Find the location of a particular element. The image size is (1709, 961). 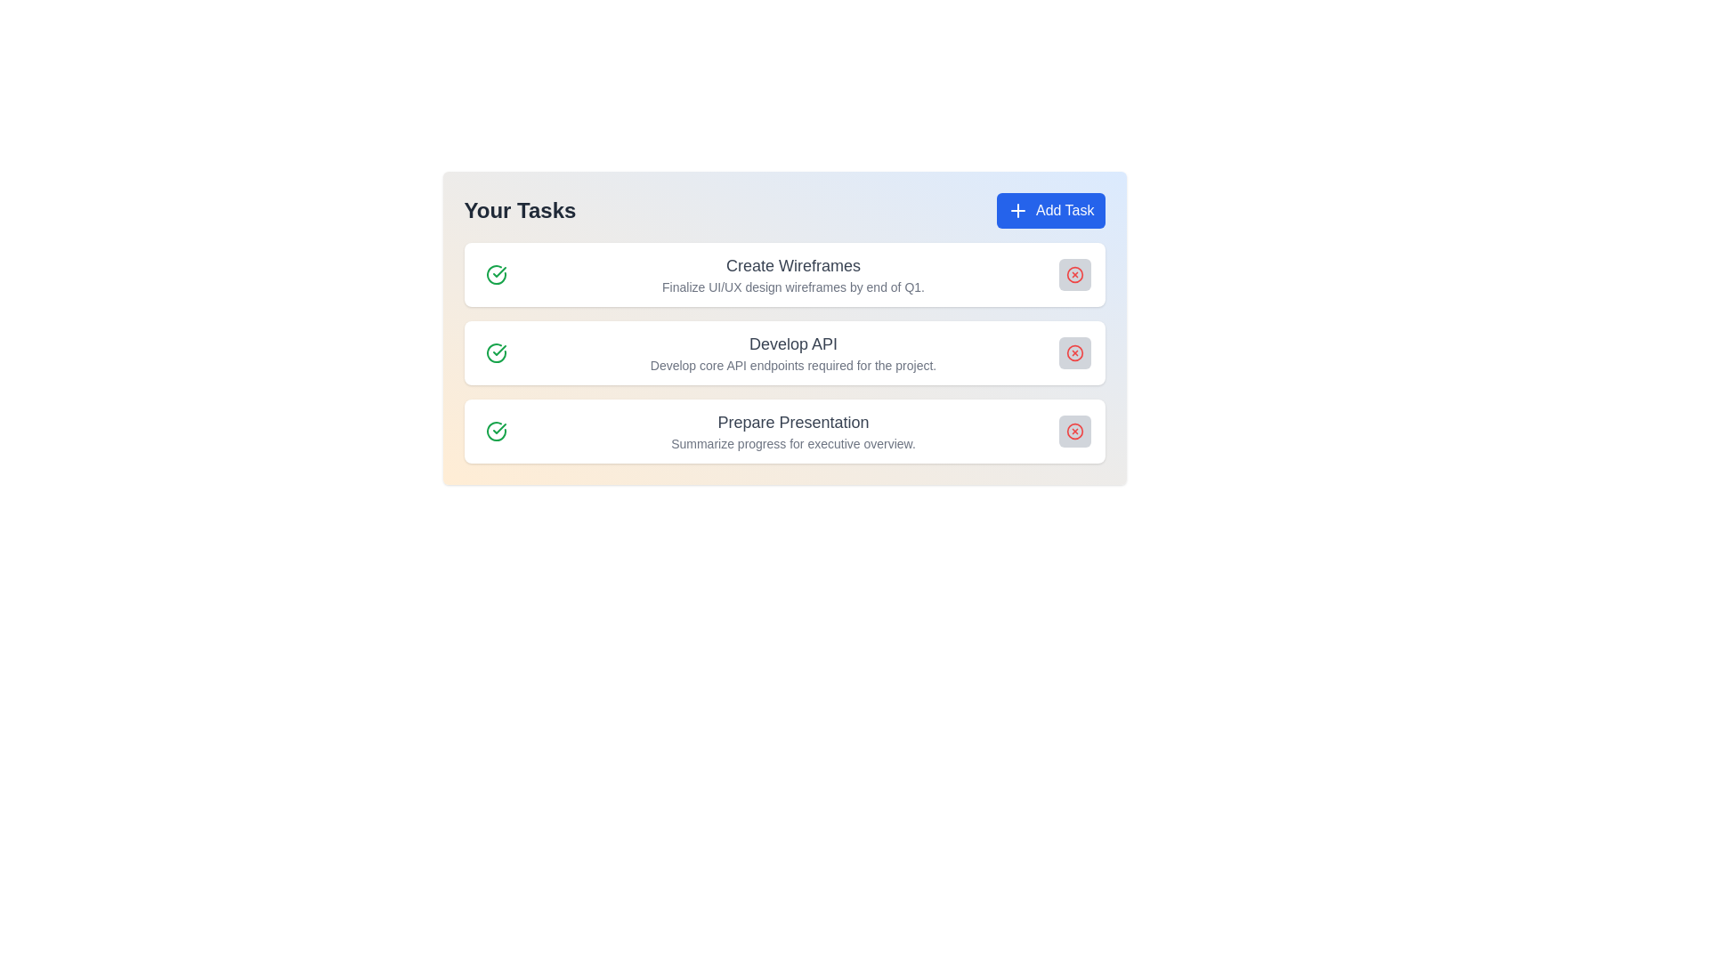

the completion icon located at the beginning of the task description row labeled 'Create Wireframes', which is positioned to the left of the text 'Create Wireframes' is located at coordinates (496, 274).